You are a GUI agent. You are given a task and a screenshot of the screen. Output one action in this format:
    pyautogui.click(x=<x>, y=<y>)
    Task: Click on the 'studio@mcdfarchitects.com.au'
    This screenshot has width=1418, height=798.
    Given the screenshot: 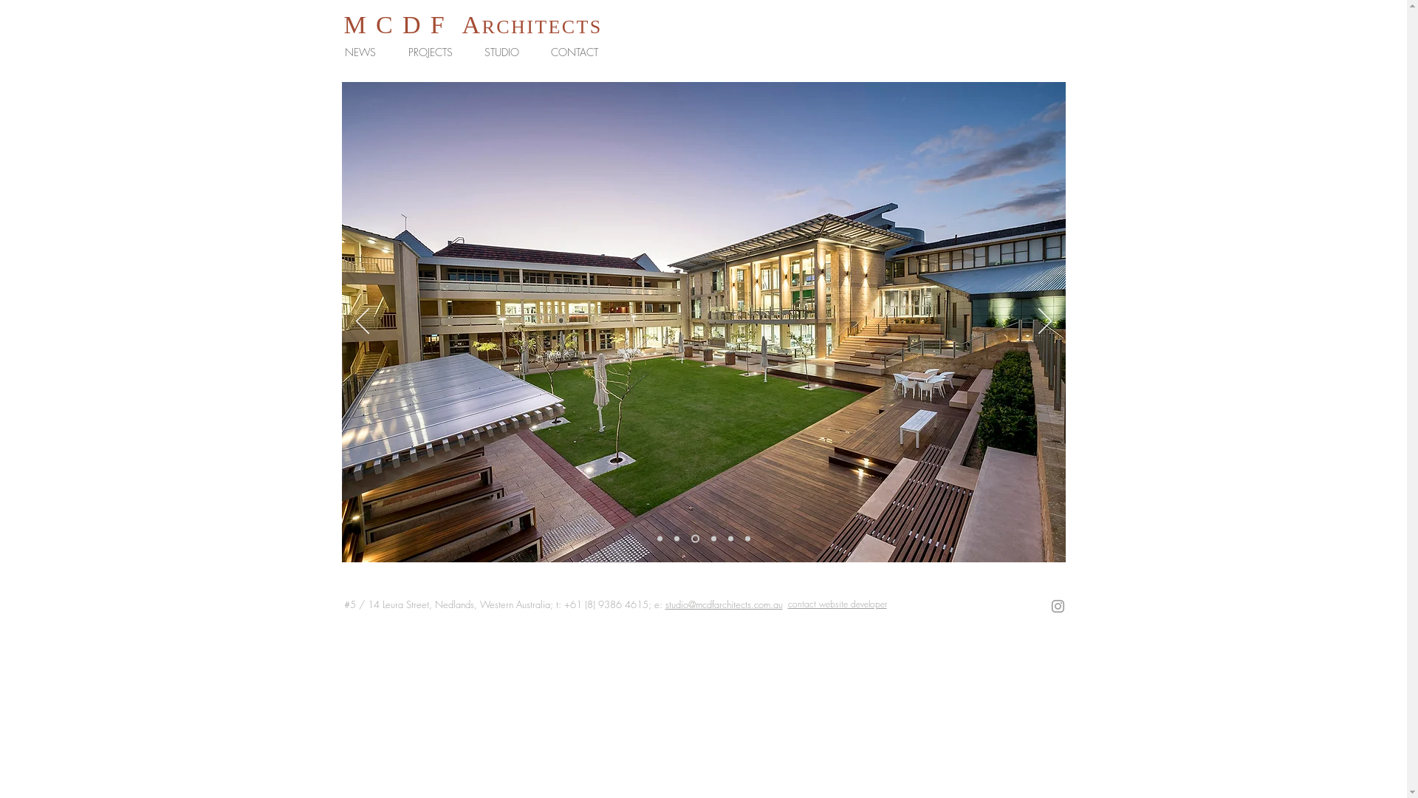 What is the action you would take?
    pyautogui.click(x=723, y=604)
    